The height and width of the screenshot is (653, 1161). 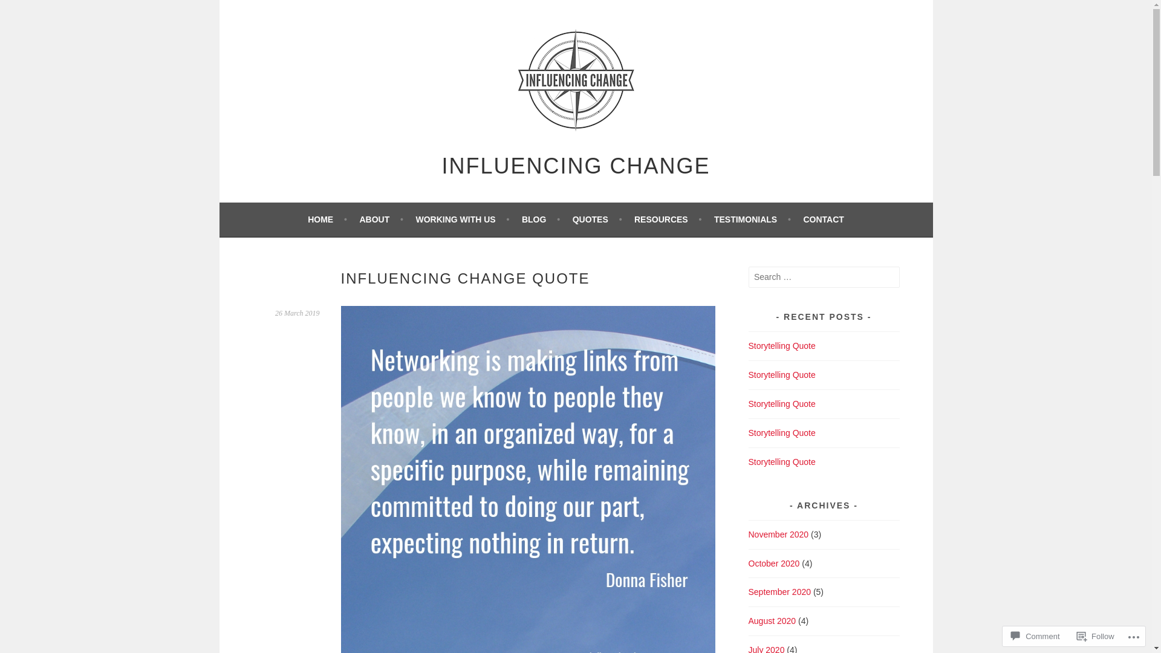 I want to click on 'August 2020', so click(x=772, y=620).